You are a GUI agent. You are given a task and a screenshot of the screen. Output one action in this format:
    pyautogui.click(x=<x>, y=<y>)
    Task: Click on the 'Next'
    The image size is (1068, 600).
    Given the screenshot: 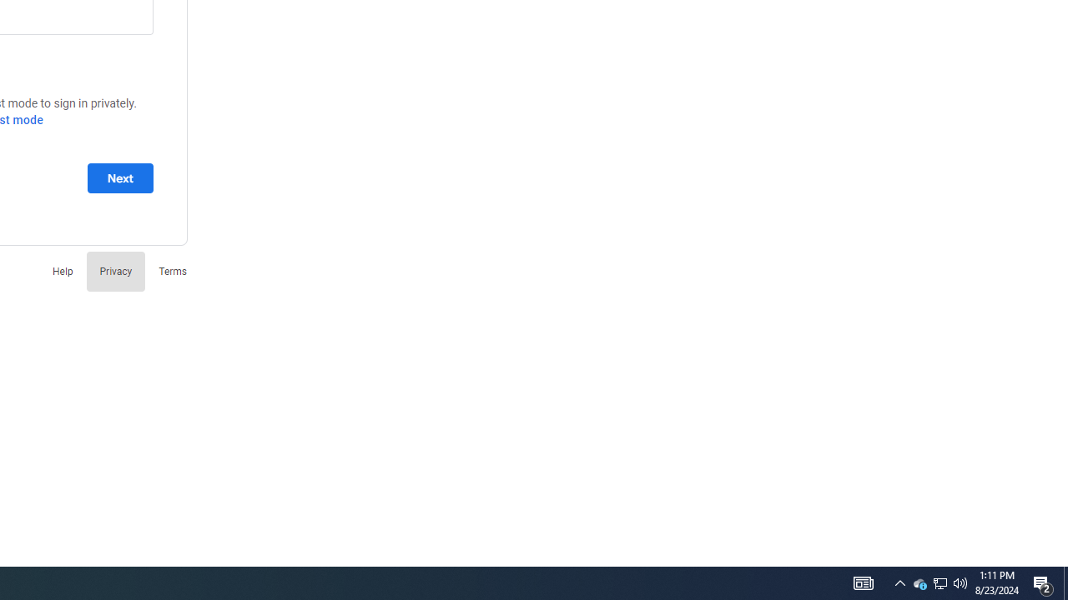 What is the action you would take?
    pyautogui.click(x=119, y=177)
    